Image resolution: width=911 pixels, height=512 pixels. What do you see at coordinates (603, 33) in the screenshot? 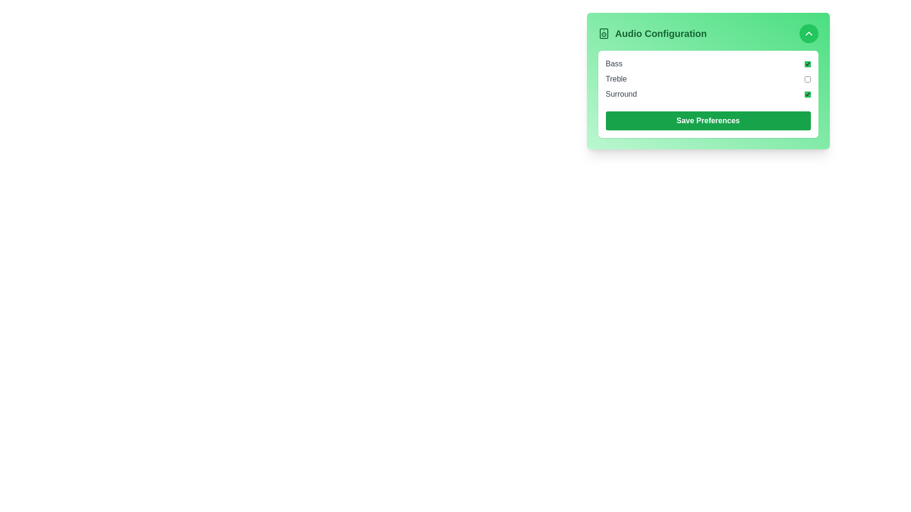
I see `the small speaker icon located in the top-left corner of the 'Audio Configuration' section, which features a green stroke color and resembles a stylized speaker design` at bounding box center [603, 33].